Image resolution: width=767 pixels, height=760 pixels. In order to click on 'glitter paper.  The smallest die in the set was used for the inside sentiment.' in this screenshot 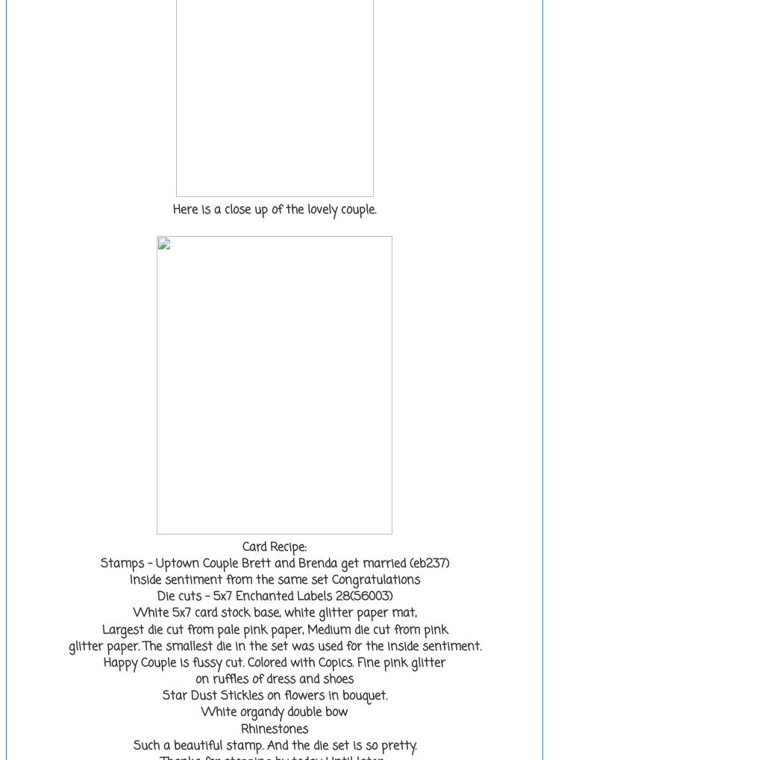, I will do `click(273, 647)`.